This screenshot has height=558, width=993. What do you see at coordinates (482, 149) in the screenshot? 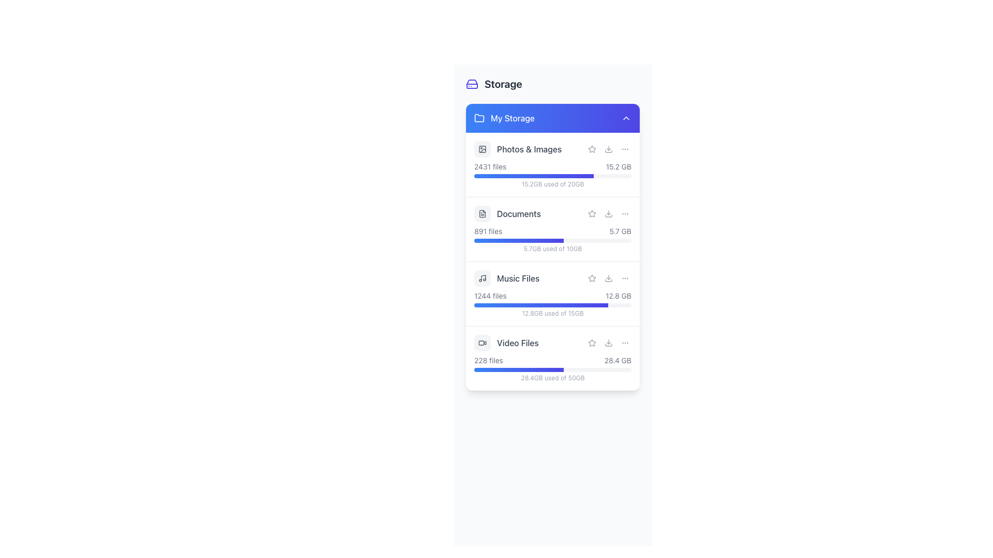
I see `the icon representing a content category, which resembles an image placeholder, located in the 'Photos & Images' section under the 'My Storage' collapsible card` at bounding box center [482, 149].